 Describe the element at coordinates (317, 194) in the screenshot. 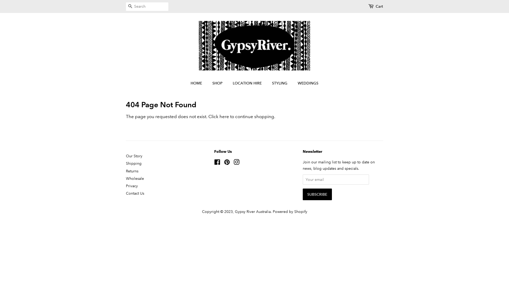

I see `'Subscribe'` at that location.